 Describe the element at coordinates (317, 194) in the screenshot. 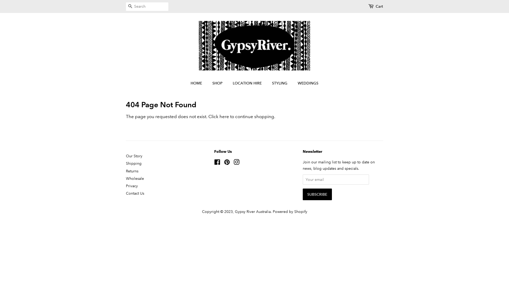

I see `'Subscribe'` at that location.